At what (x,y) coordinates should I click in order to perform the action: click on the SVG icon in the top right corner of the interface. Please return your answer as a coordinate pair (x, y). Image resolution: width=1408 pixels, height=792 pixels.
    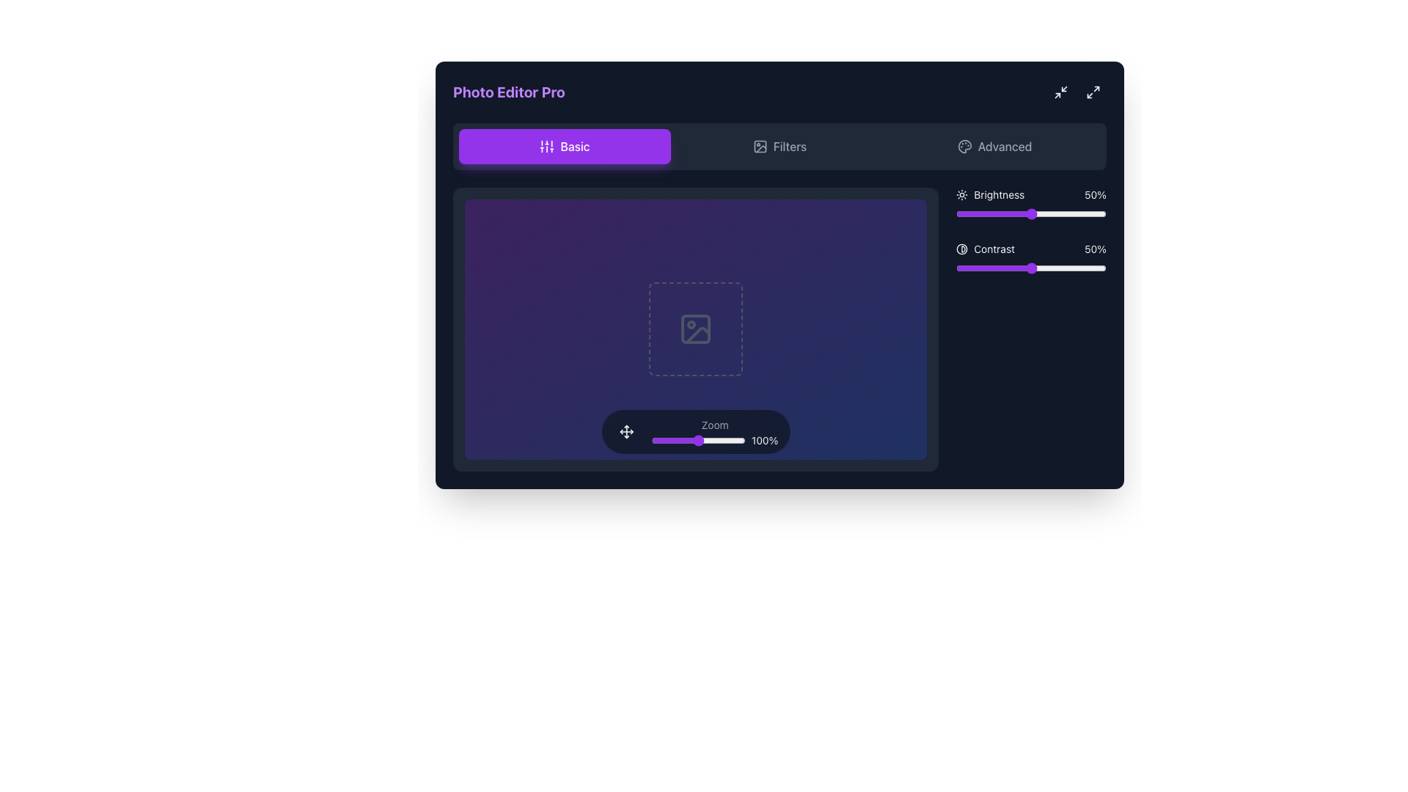
    Looking at the image, I should click on (1060, 92).